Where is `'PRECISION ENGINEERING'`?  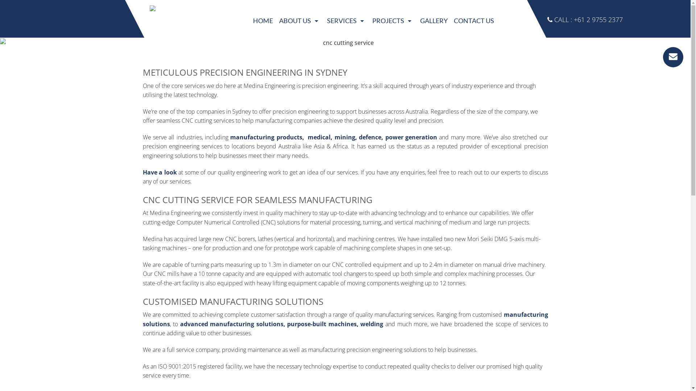
'PRECISION ENGINEERING' is located at coordinates (346, 43).